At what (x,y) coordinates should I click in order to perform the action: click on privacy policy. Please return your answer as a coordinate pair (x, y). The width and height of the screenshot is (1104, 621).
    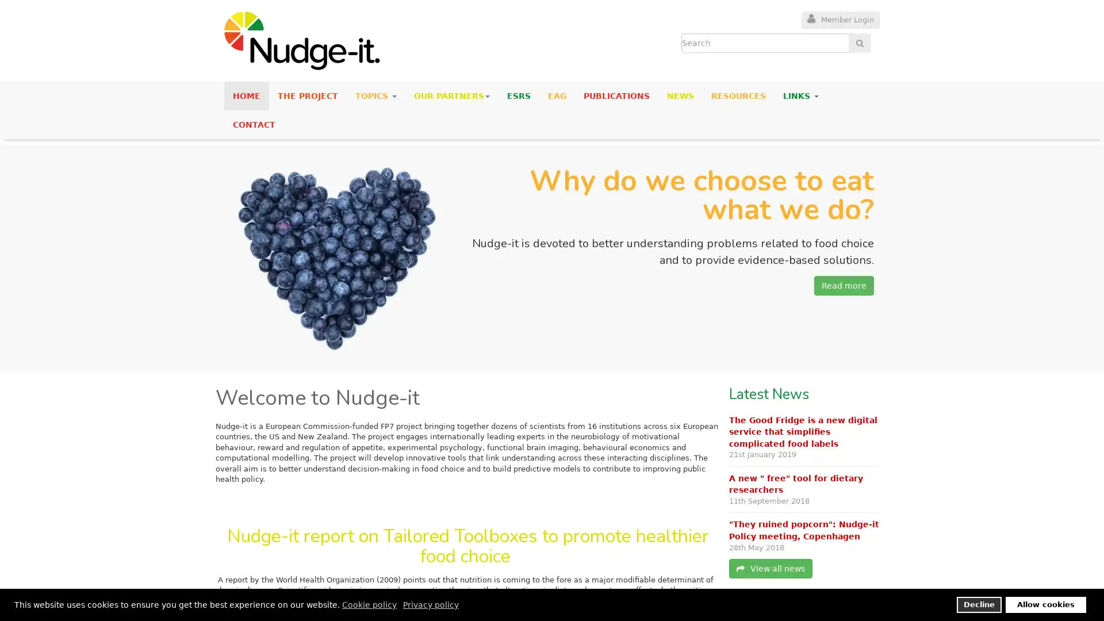
    Looking at the image, I should click on (430, 604).